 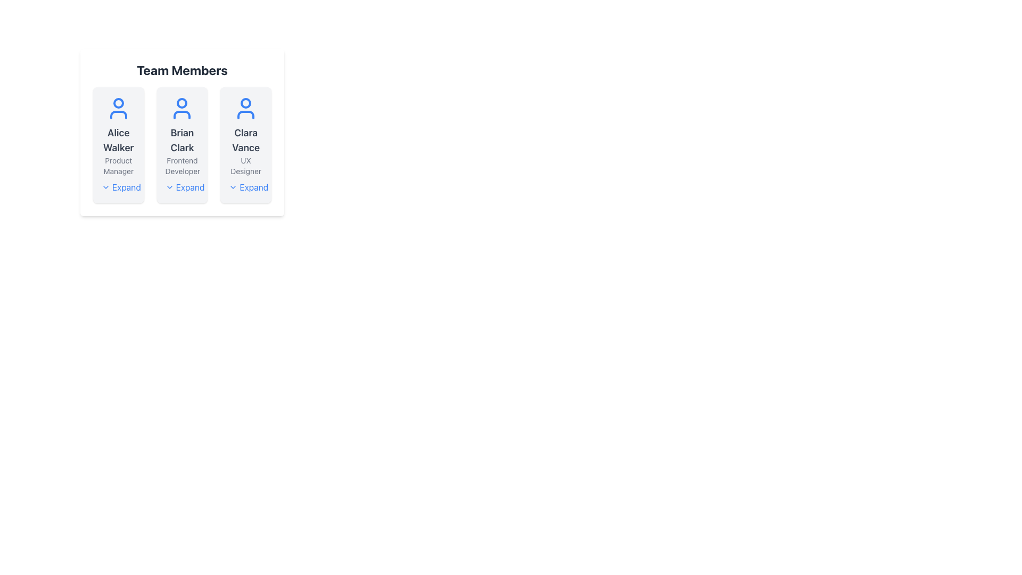 I want to click on the 'Expand' button, which is styled in blue and located at the bottom of the card for Clara Vance, UX Designer, so click(x=248, y=186).